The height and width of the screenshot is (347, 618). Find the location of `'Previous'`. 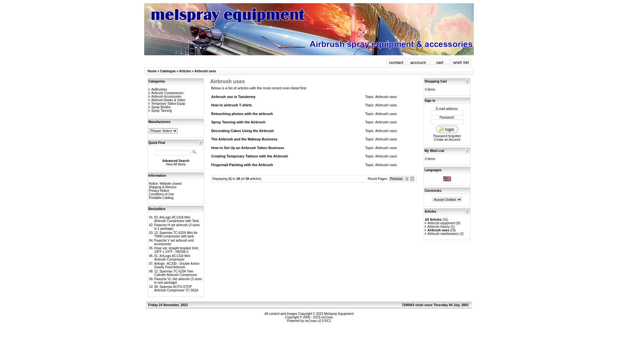

'Previous' is located at coordinates (396, 179).